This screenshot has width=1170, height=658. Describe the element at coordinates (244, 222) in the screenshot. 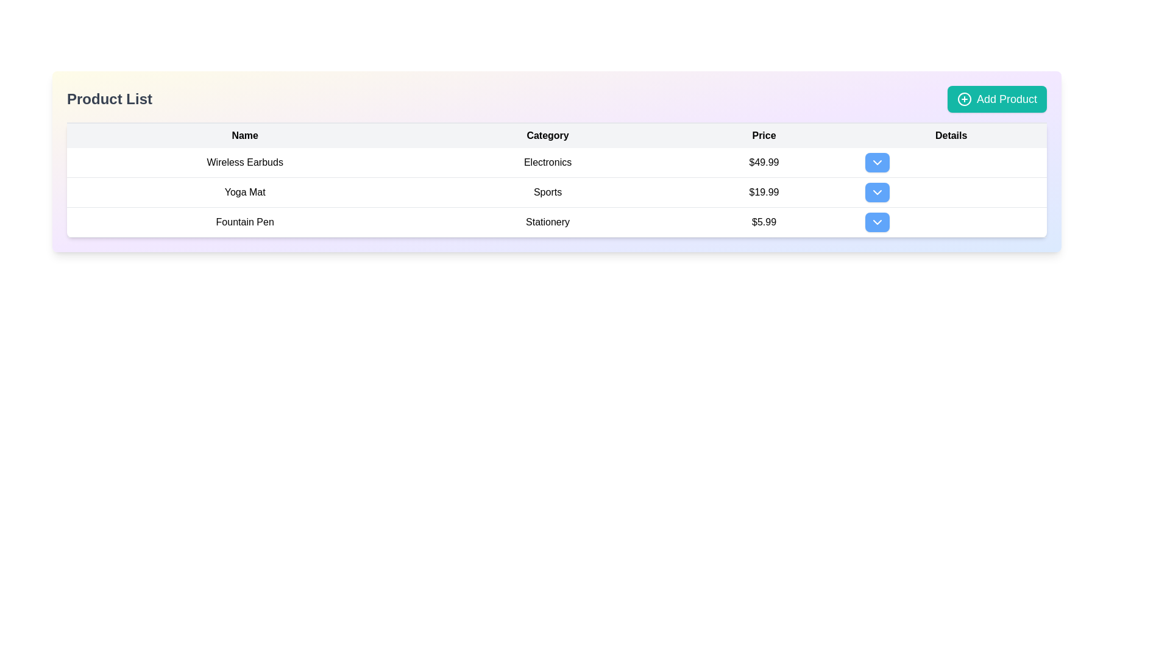

I see `the 'Fountain Pen' text label, which is located in the first column of the third row of a product listing table` at that location.